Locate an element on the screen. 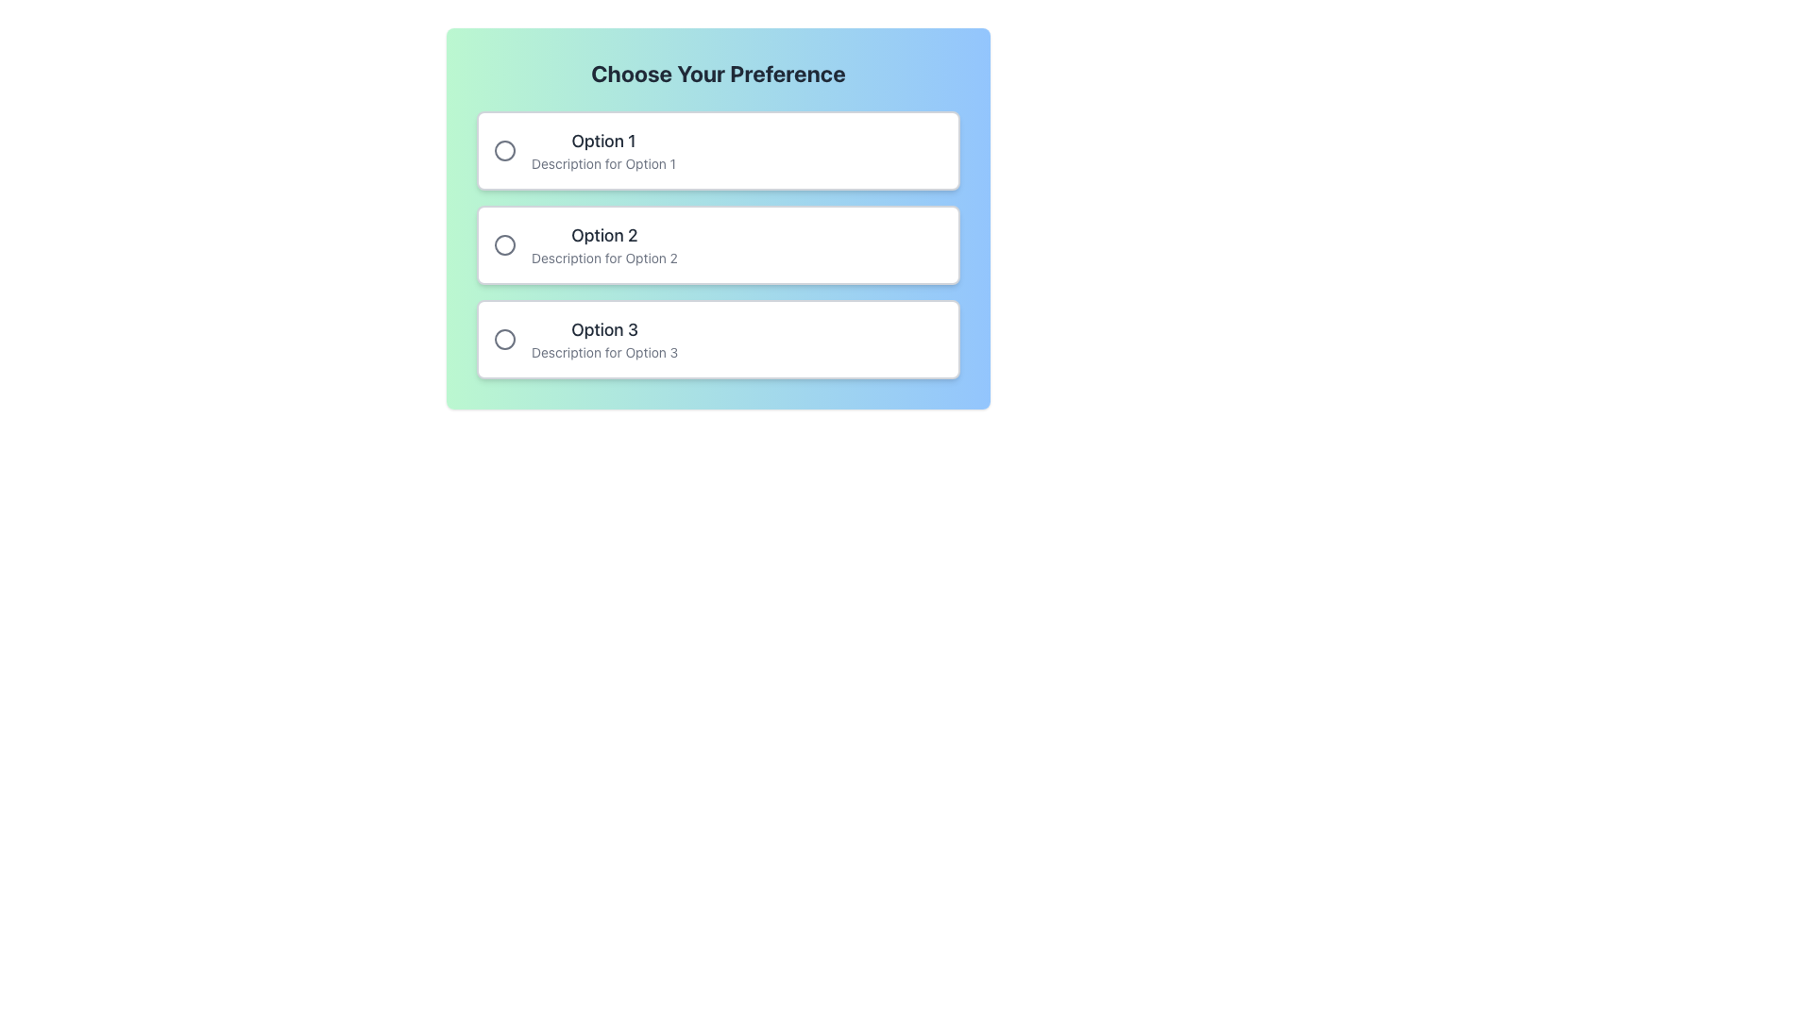  the text label styled in bold font that reads 'Option 1', located at the top of a vertical selection interface, associated with a description and a circular radio button to its left is located at coordinates (602, 141).